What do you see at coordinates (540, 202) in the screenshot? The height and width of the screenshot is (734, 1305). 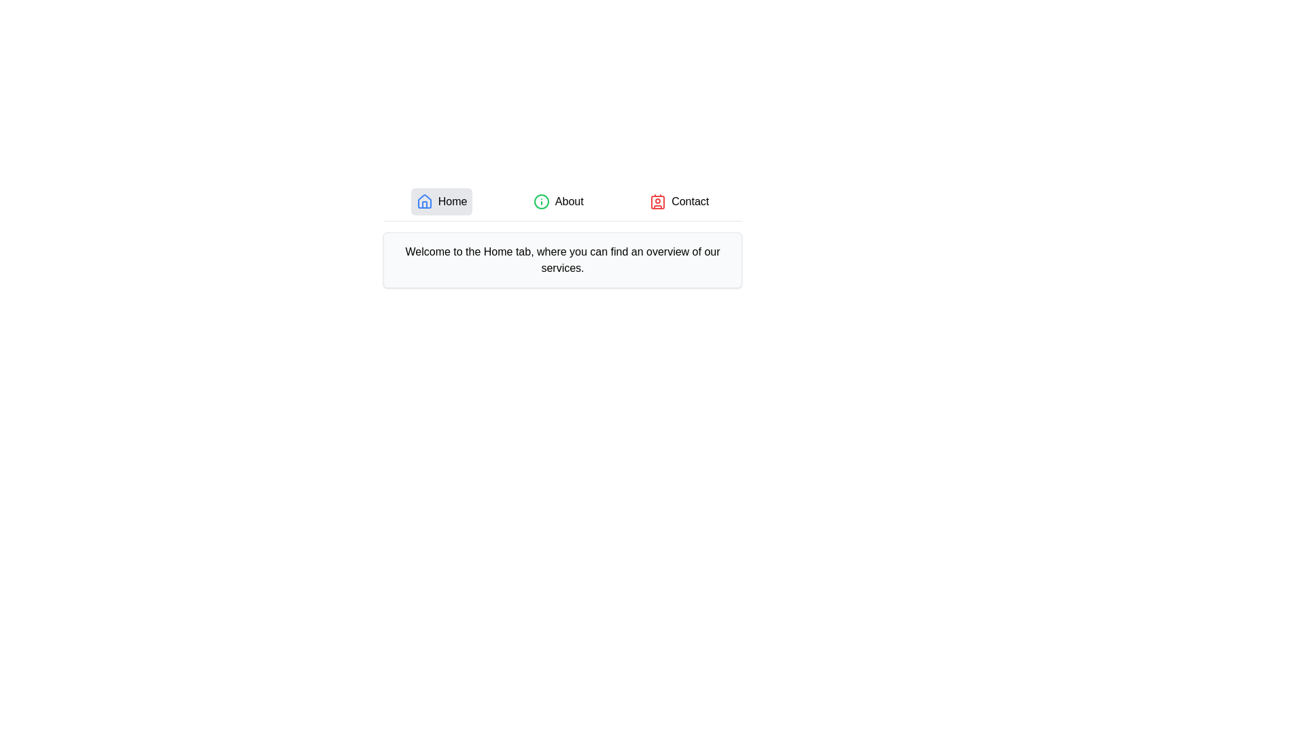 I see `the icon of the About tab` at bounding box center [540, 202].